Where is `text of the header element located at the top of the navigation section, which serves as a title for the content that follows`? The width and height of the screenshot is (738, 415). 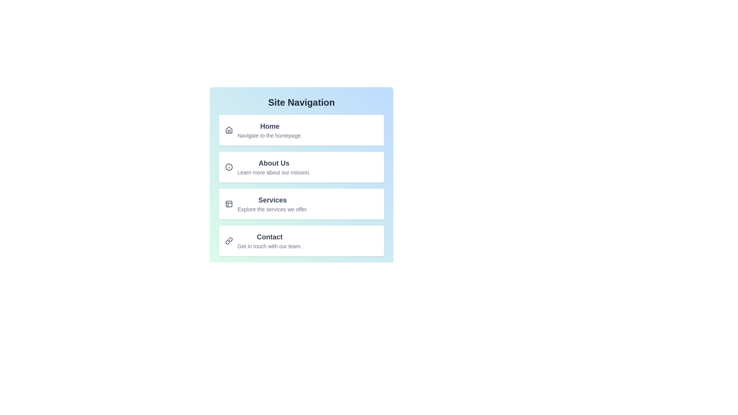 text of the header element located at the top of the navigation section, which serves as a title for the content that follows is located at coordinates (301, 102).